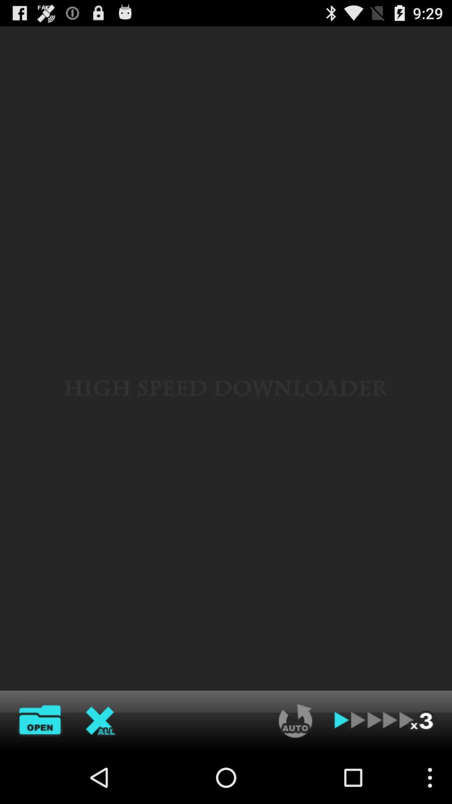  I want to click on the close icon, so click(100, 771).